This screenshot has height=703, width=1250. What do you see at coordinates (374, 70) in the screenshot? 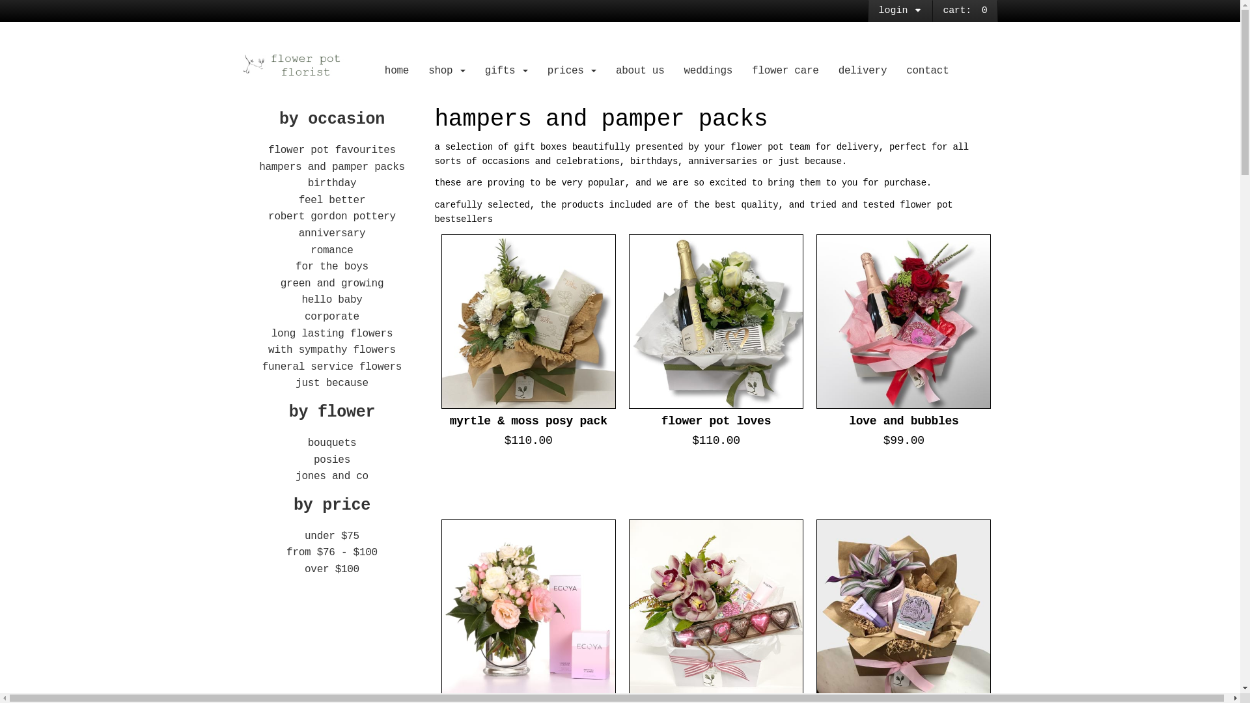
I see `'home'` at bounding box center [374, 70].